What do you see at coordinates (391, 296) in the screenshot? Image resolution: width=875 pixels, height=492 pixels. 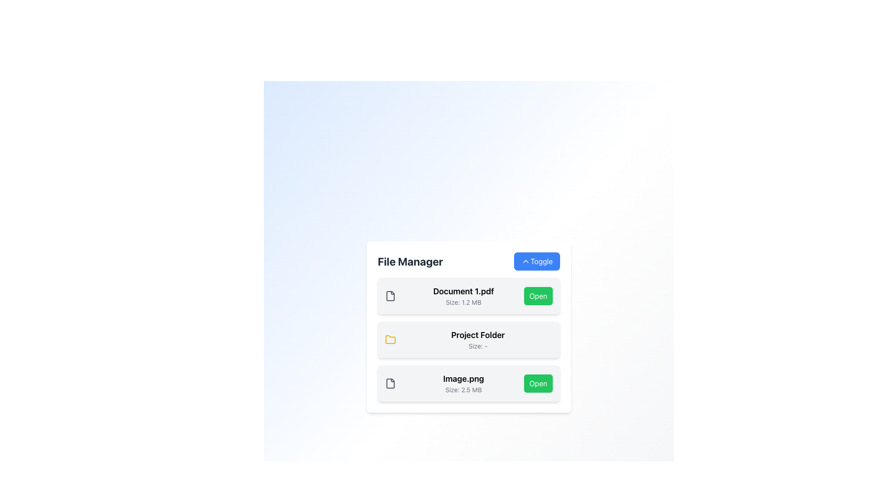 I see `the document page icon located to the left of 'Document 1.pdf' in the 'File Manager' section` at bounding box center [391, 296].